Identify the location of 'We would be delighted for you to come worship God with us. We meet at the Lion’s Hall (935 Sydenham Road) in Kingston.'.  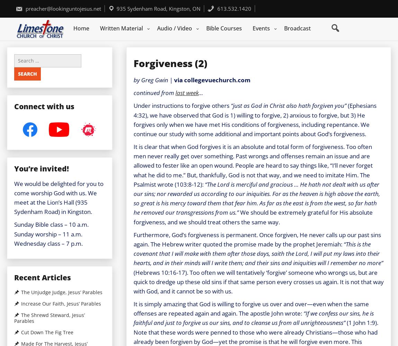
(58, 197).